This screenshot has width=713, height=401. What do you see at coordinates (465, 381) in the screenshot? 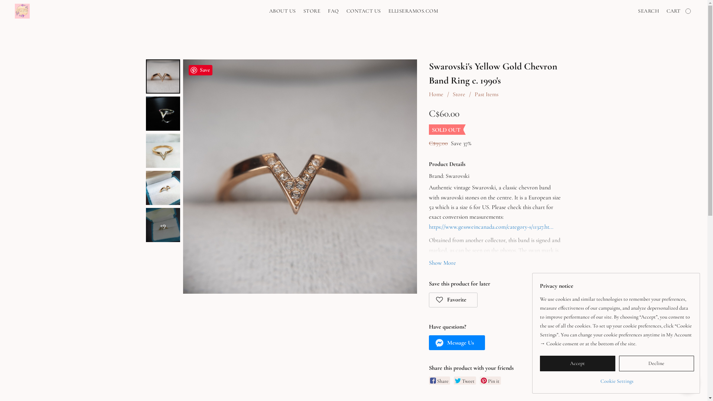
I see `'Tweet'` at bounding box center [465, 381].